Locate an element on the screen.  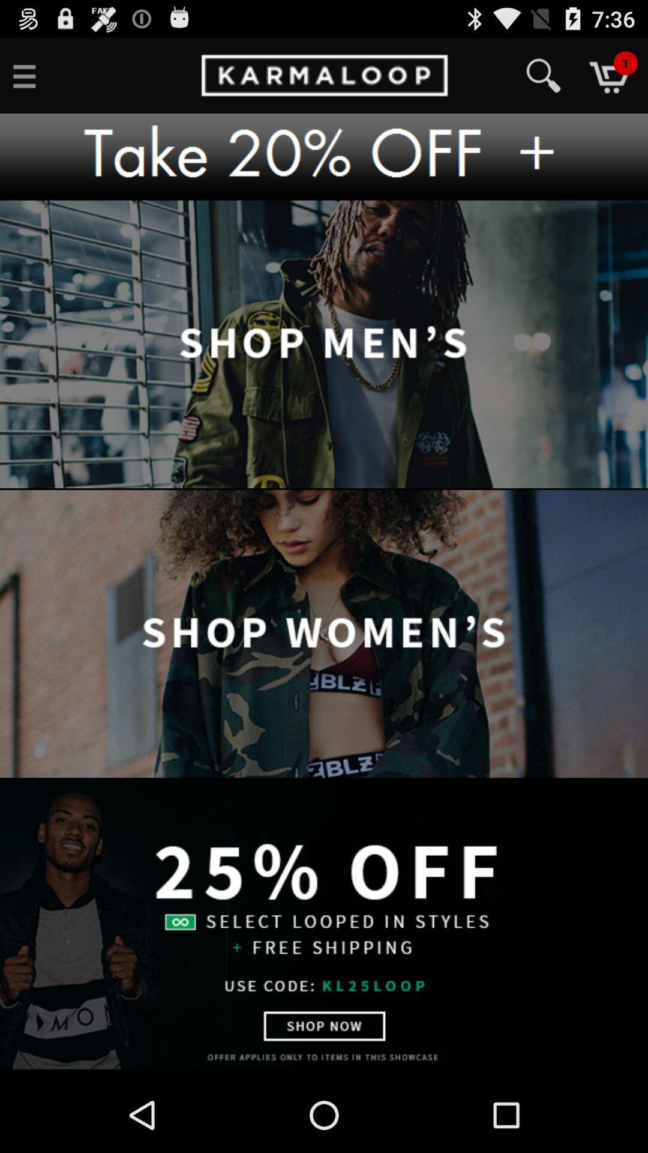
add coupon is located at coordinates (324, 156).